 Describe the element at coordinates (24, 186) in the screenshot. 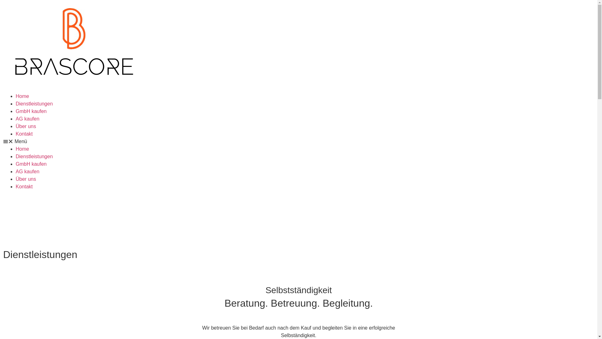

I see `'Kontakt'` at that location.